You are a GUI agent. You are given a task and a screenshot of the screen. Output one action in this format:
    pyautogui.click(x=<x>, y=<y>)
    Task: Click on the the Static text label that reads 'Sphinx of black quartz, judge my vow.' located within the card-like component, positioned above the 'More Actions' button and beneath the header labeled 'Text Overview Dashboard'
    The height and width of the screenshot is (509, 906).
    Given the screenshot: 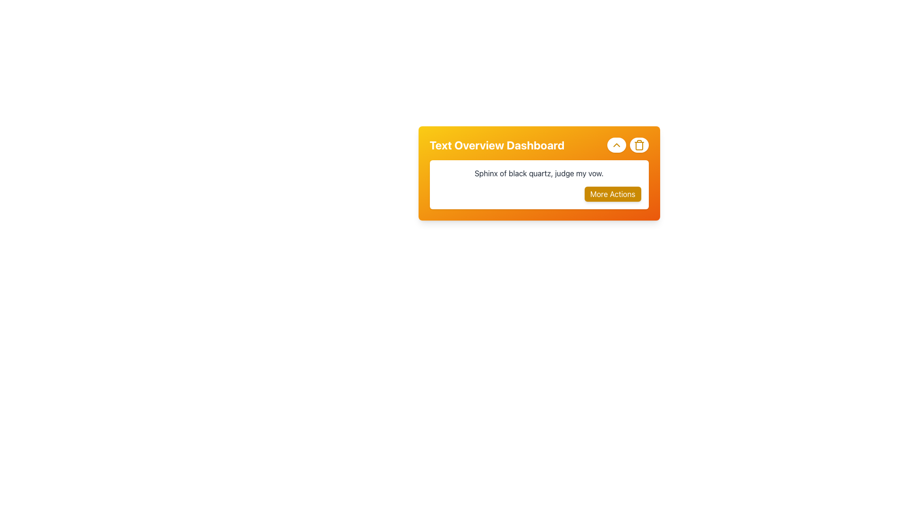 What is the action you would take?
    pyautogui.click(x=539, y=173)
    